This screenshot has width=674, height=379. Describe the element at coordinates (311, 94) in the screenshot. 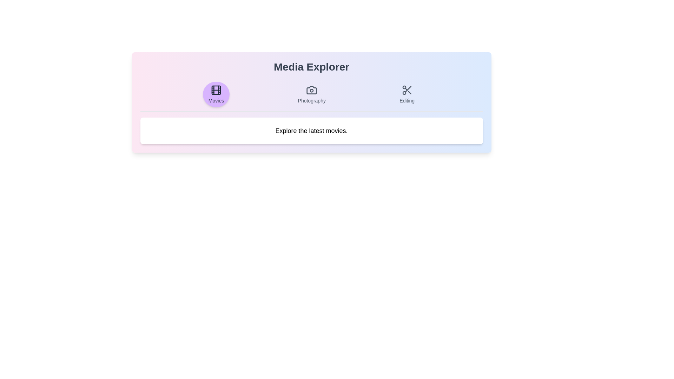

I see `the Photography tab in the AdvancedMediaTabs component` at that location.